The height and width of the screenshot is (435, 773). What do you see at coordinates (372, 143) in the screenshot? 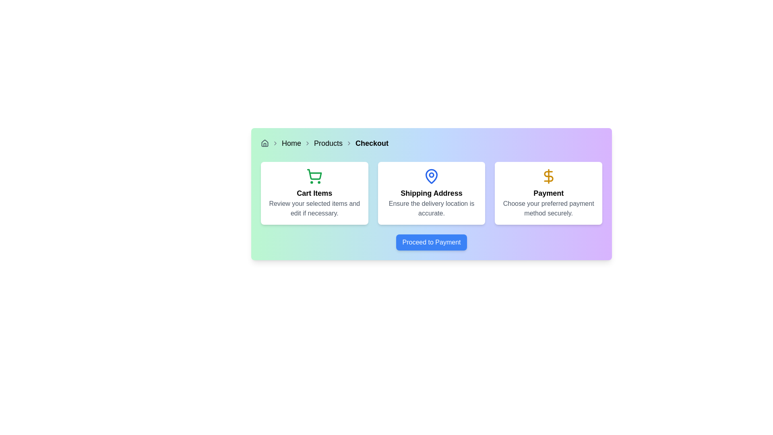
I see `the 'Checkout' text label in the breadcrumb navigation bar, which is styled with a bold font and is the final component in the sequence after 'Home' and 'Products'` at bounding box center [372, 143].